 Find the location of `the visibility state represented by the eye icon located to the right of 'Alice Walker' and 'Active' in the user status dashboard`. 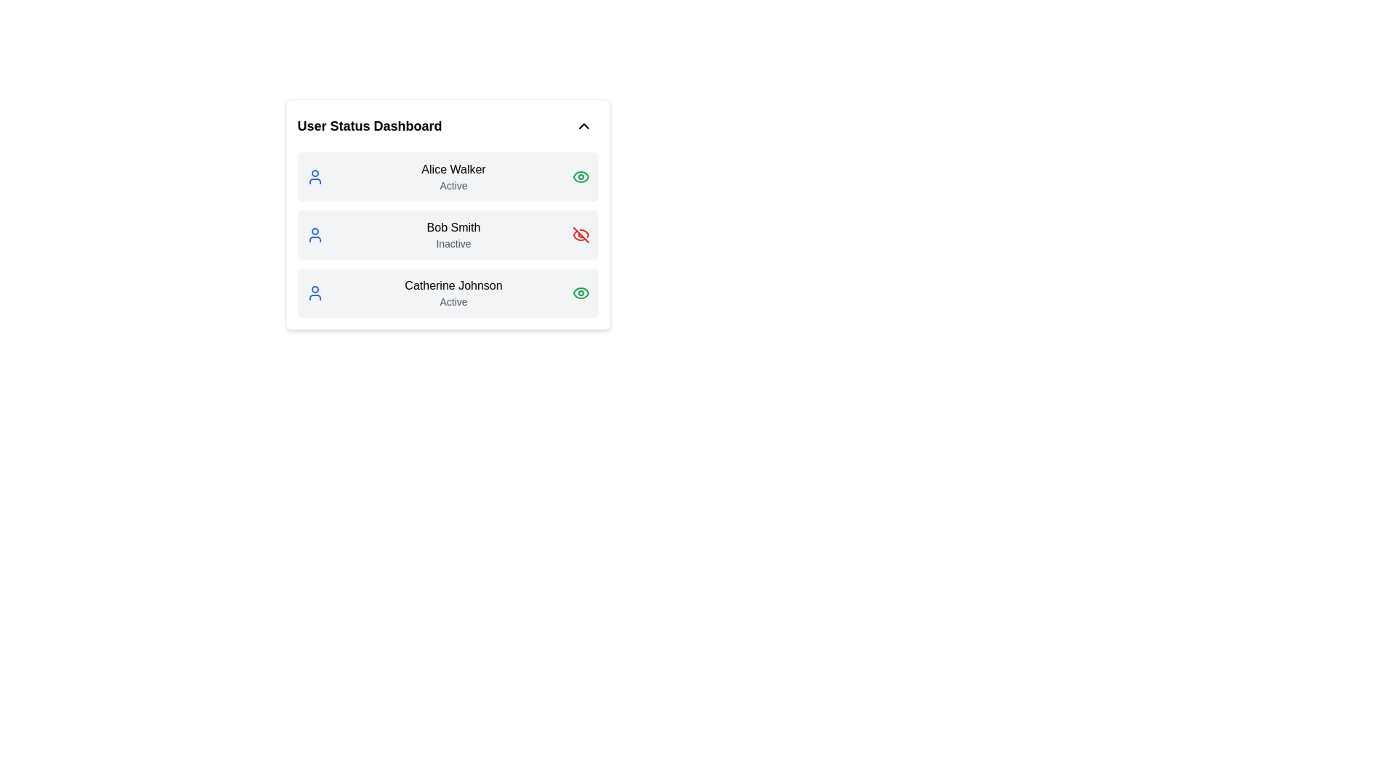

the visibility state represented by the eye icon located to the right of 'Alice Walker' and 'Active' in the user status dashboard is located at coordinates (580, 176).